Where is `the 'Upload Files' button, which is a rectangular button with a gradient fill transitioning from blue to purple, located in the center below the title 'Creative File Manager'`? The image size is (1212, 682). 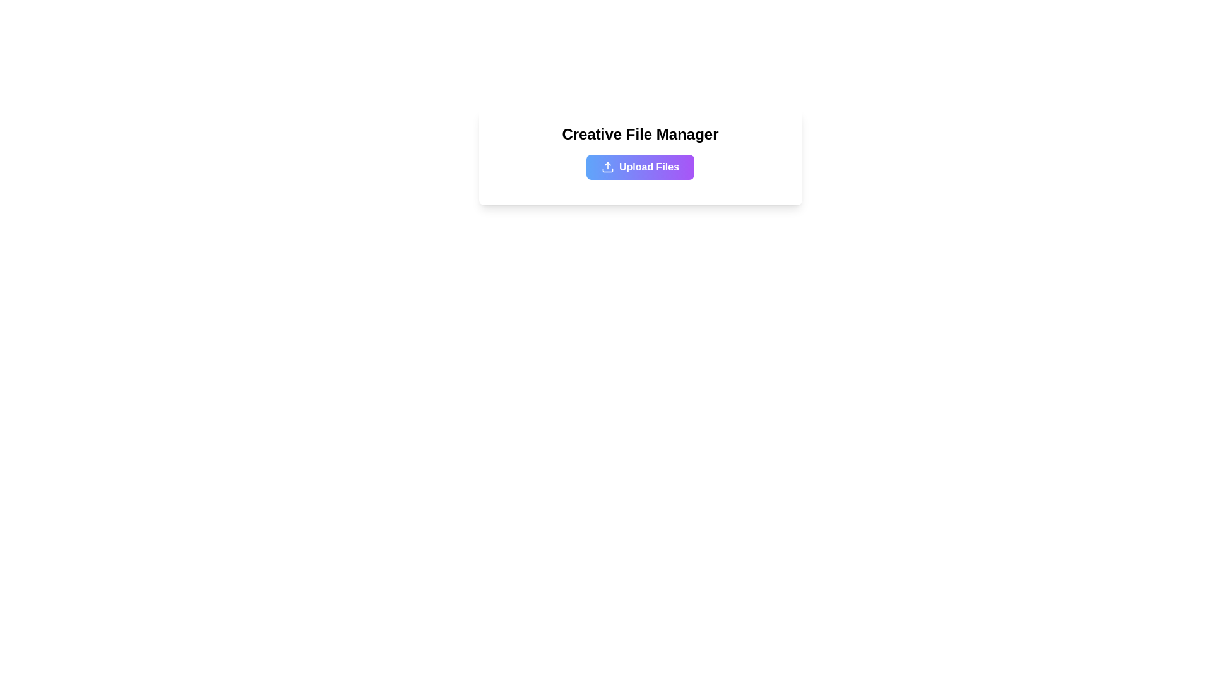 the 'Upload Files' button, which is a rectangular button with a gradient fill transitioning from blue to purple, located in the center below the title 'Creative File Manager' is located at coordinates (640, 167).